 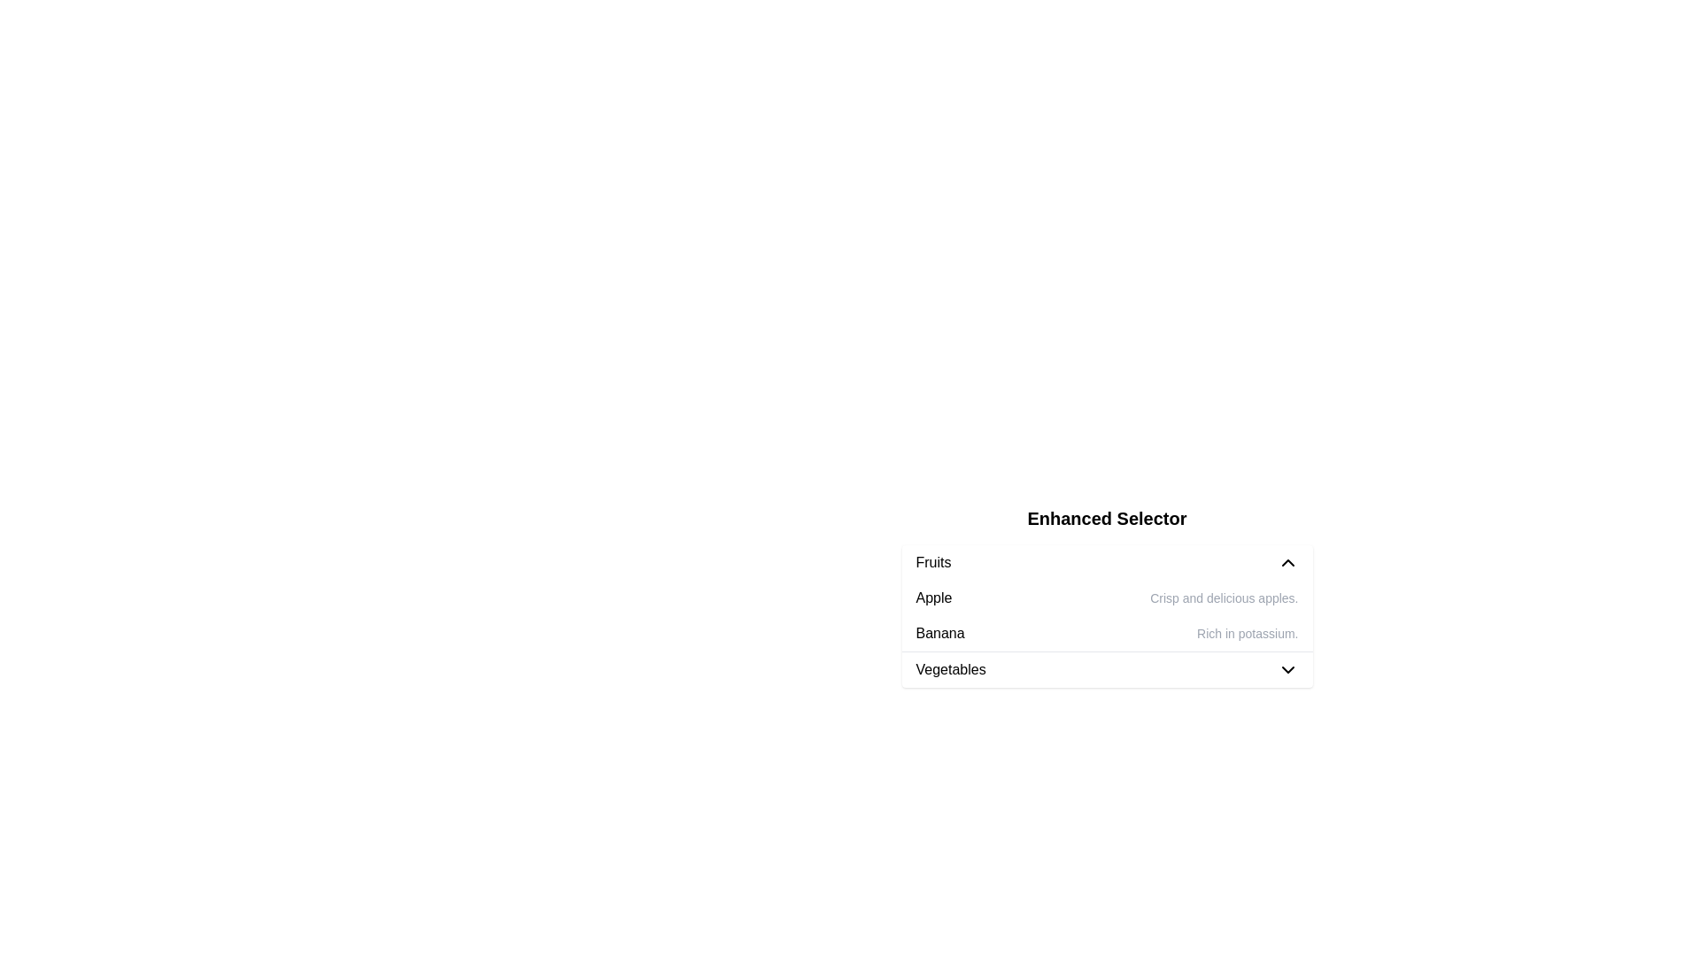 What do you see at coordinates (1106, 597) in the screenshot?
I see `the sub-item 'Apple' within the Dropdown panel titled 'Enhanced Selector', which is displayed in a clean, bordered, white background panel` at bounding box center [1106, 597].